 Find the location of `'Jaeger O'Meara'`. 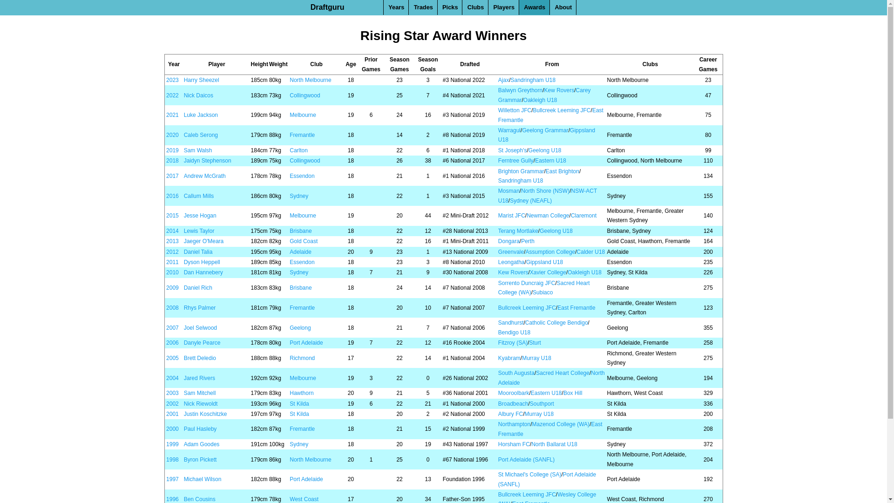

'Jaeger O'Meara' is located at coordinates (203, 240).